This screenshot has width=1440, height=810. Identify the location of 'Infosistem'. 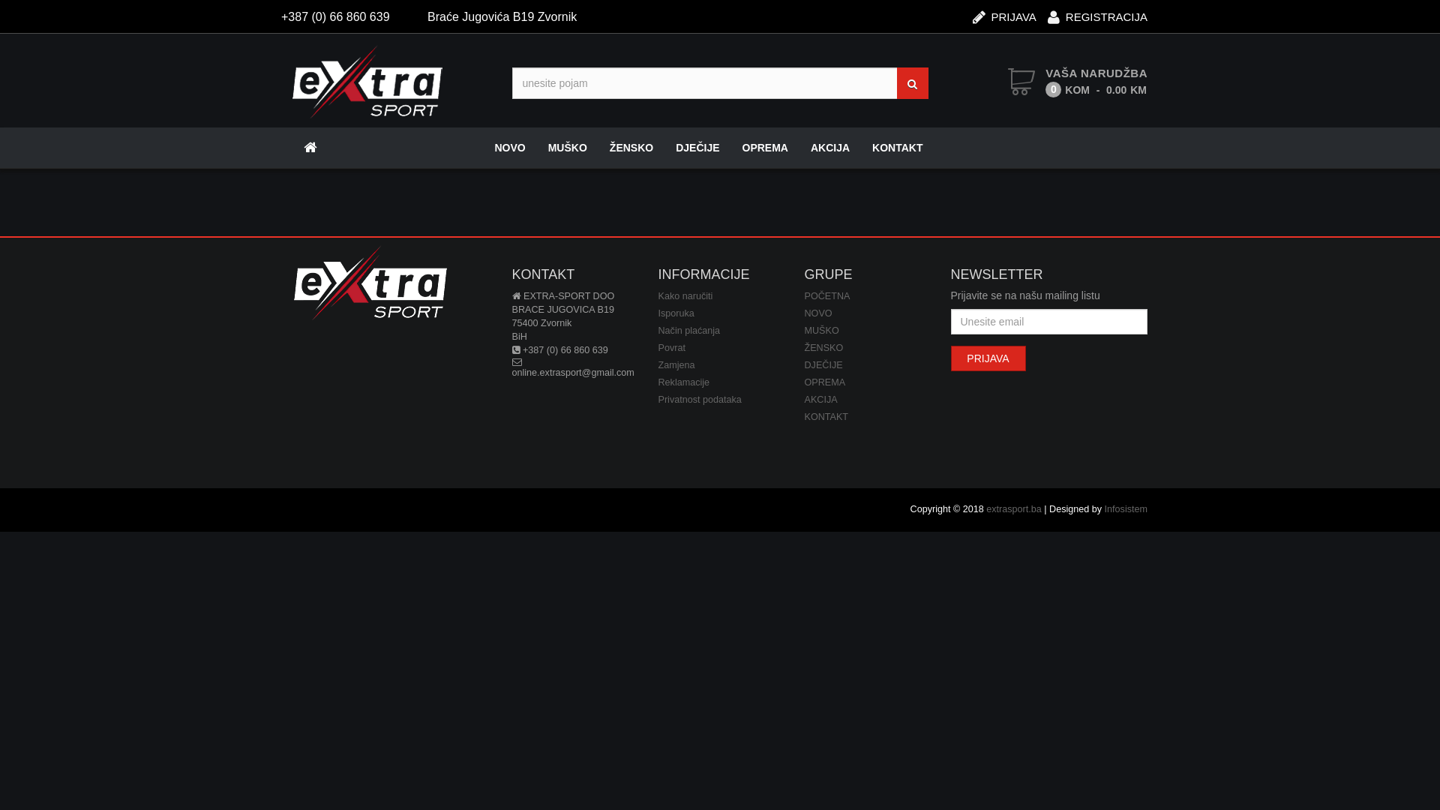
(1126, 508).